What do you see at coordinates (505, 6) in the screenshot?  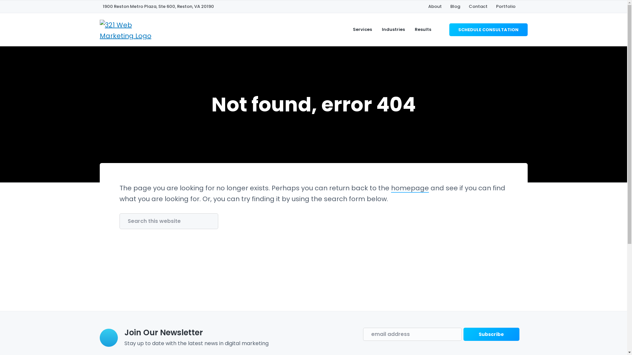 I see `'Portfolio'` at bounding box center [505, 6].